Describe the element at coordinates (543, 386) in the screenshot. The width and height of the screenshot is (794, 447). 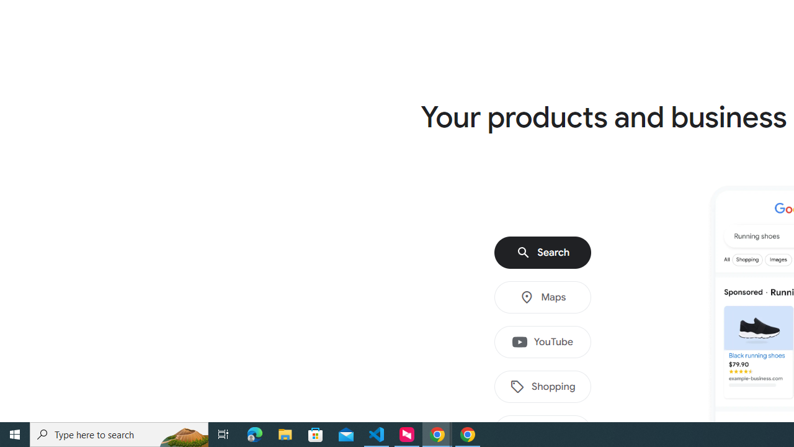
I see `'Shopping'` at that location.